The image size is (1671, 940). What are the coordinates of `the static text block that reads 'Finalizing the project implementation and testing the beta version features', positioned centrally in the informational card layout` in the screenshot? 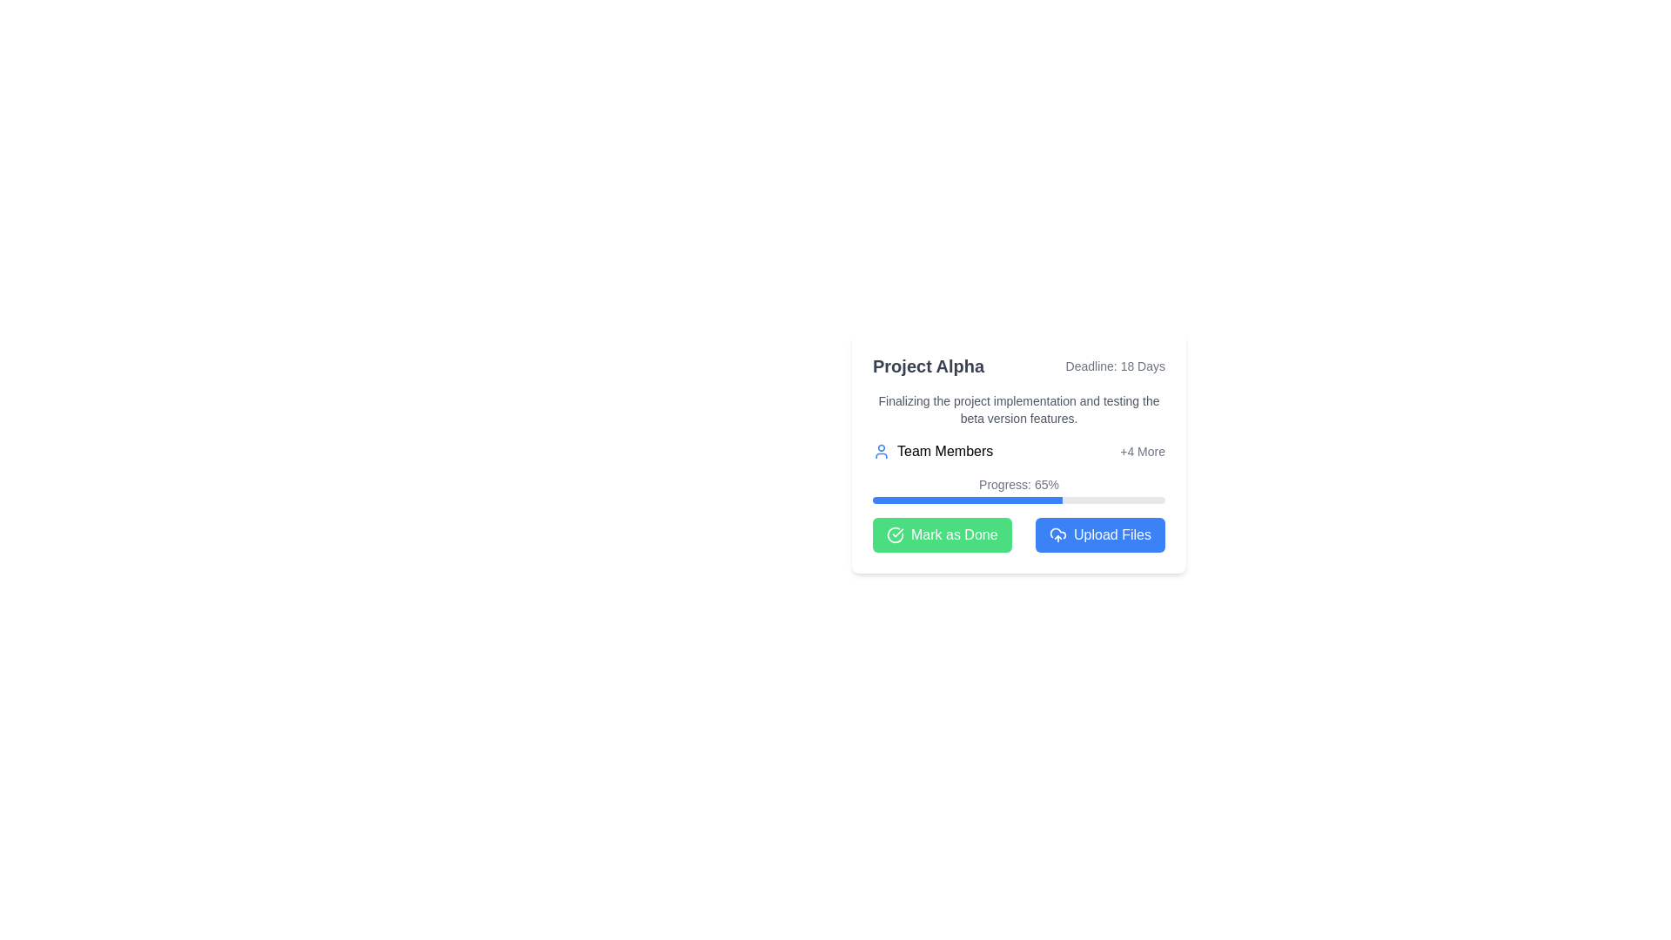 It's located at (1019, 409).